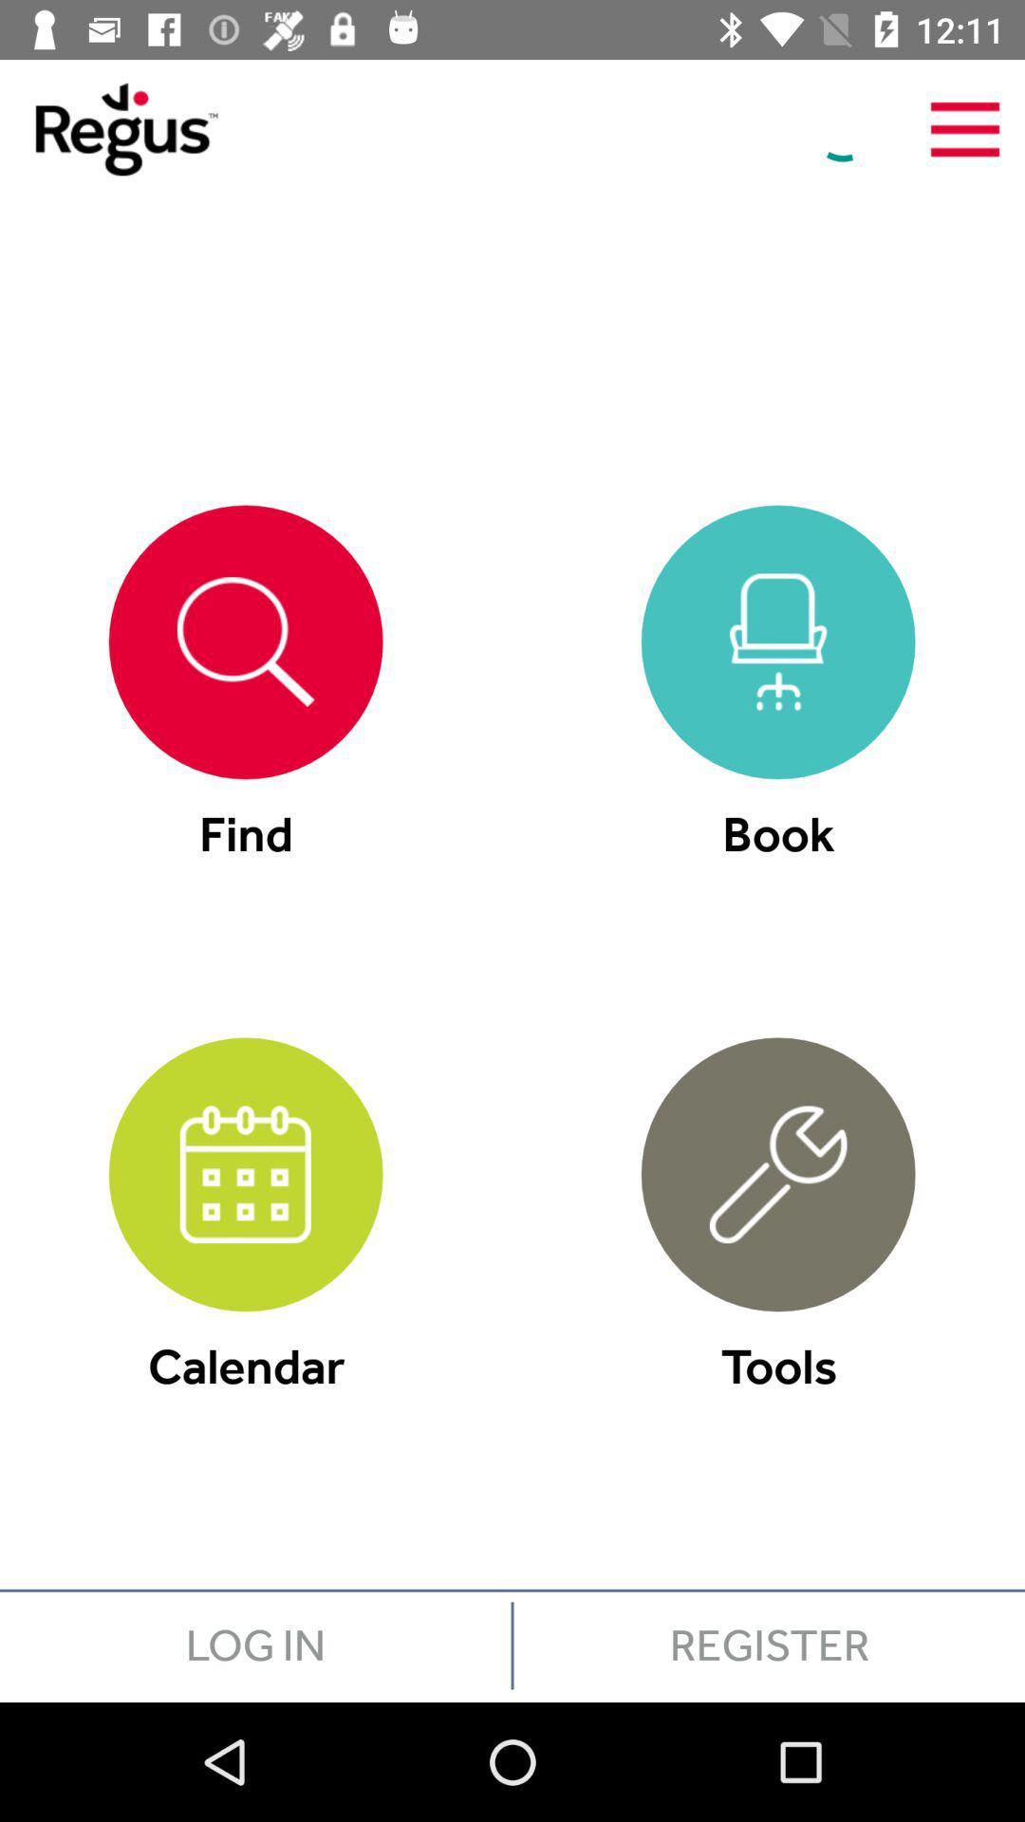 Image resolution: width=1025 pixels, height=1822 pixels. What do you see at coordinates (769, 1644) in the screenshot?
I see `register icon` at bounding box center [769, 1644].